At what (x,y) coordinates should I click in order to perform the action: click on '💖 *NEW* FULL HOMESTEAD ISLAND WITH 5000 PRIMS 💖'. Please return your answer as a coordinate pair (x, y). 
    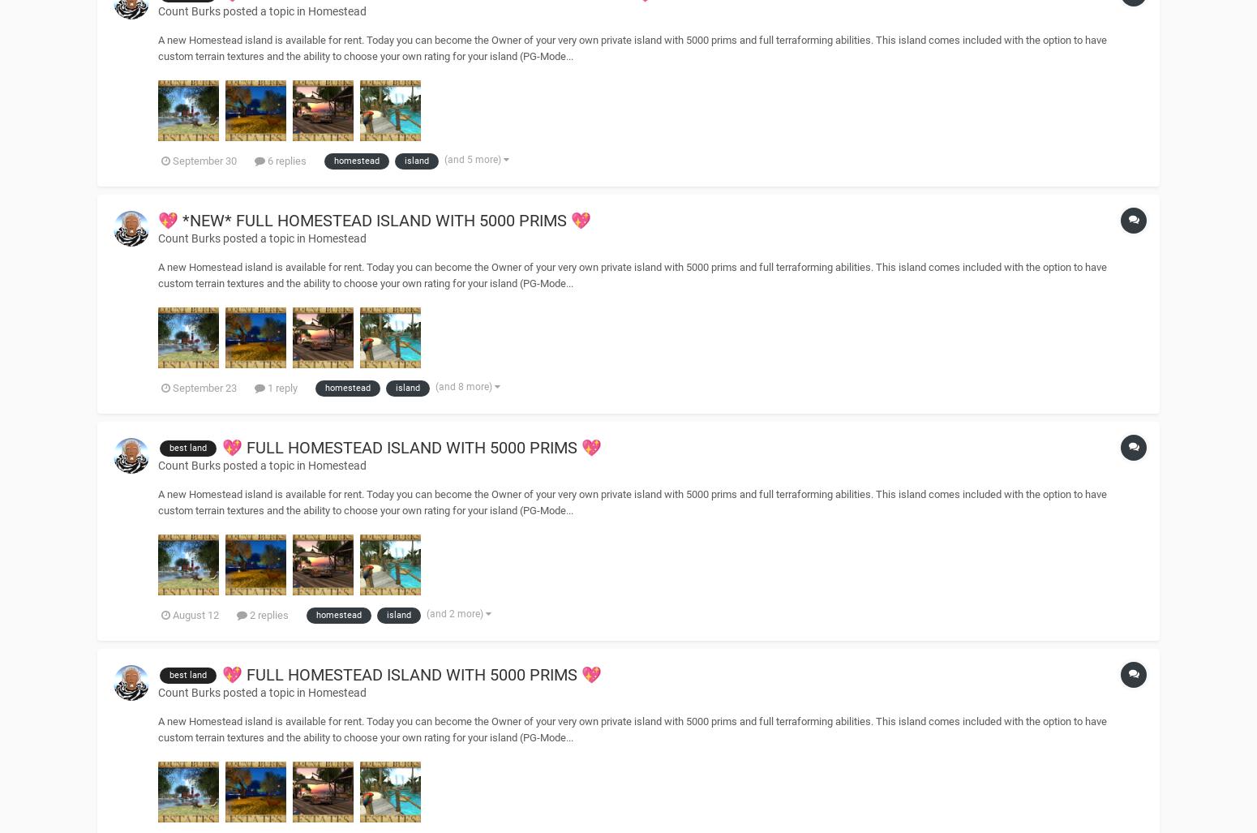
    Looking at the image, I should click on (157, 220).